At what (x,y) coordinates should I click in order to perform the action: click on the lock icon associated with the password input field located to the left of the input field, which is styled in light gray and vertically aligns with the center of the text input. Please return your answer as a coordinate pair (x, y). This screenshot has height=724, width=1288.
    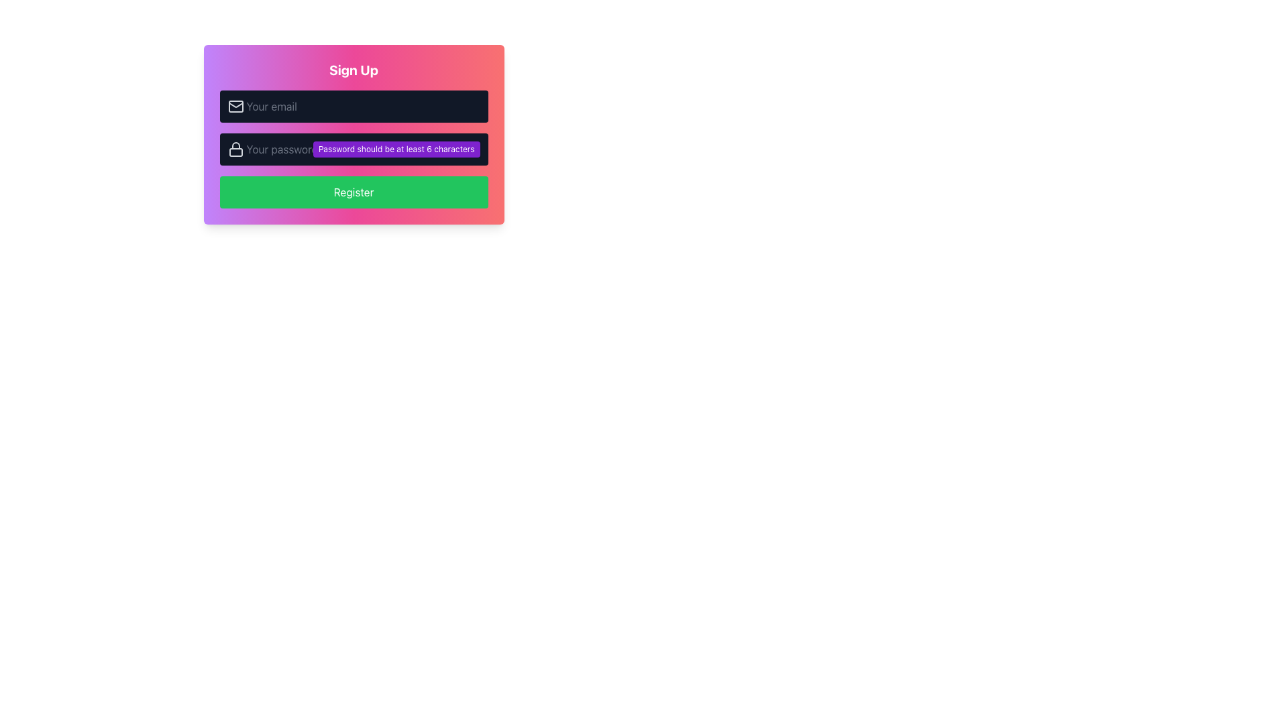
    Looking at the image, I should click on (235, 149).